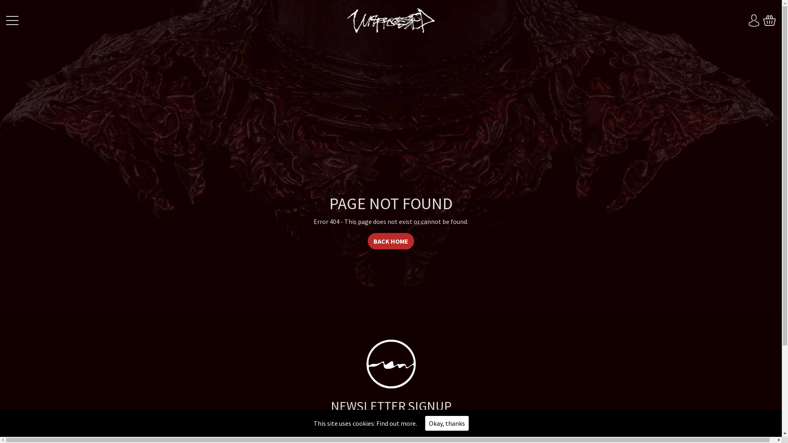  What do you see at coordinates (754, 20) in the screenshot?
I see `'Login / Register'` at bounding box center [754, 20].